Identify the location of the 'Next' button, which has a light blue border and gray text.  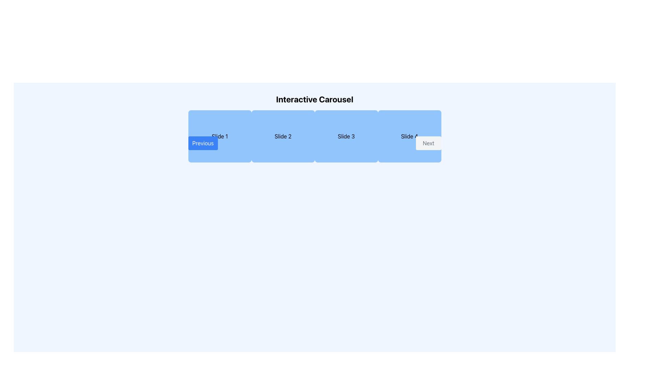
(428, 143).